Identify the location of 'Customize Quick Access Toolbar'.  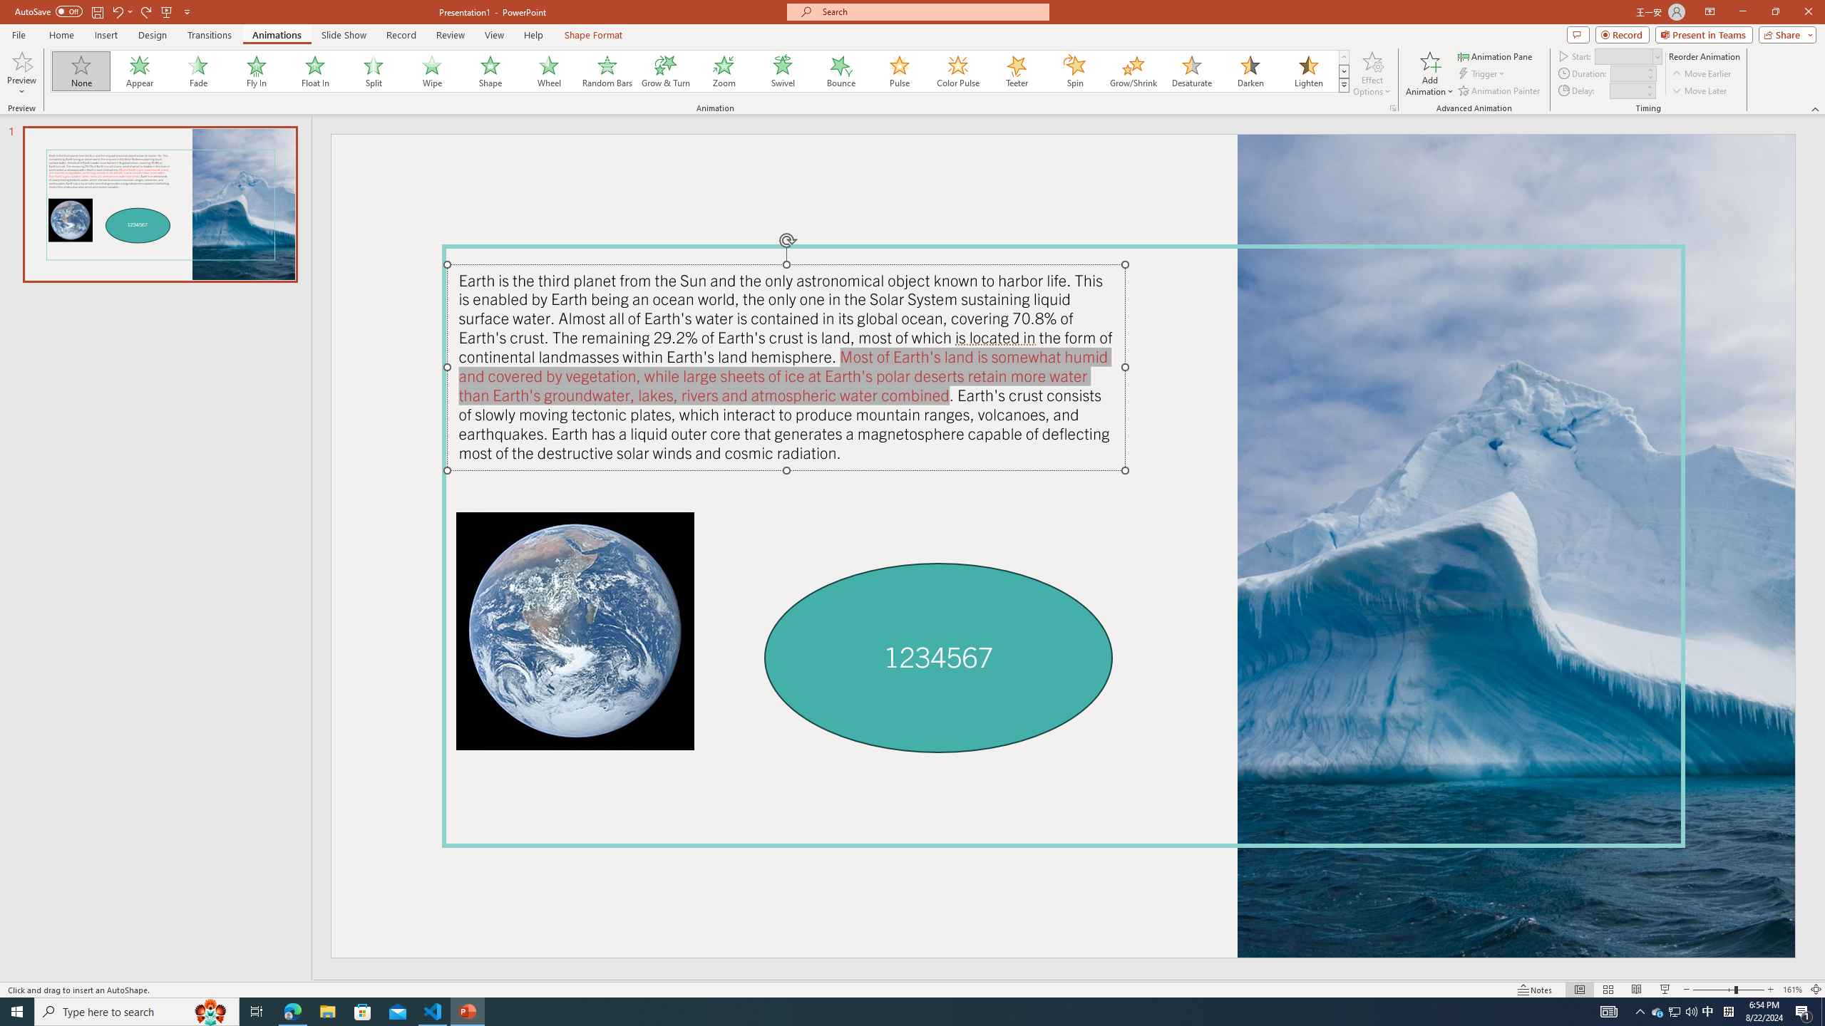
(186, 11).